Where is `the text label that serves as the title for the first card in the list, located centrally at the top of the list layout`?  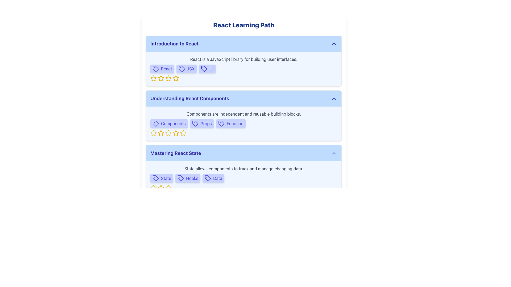
the text label that serves as the title for the first card in the list, located centrally at the top of the list layout is located at coordinates (174, 44).